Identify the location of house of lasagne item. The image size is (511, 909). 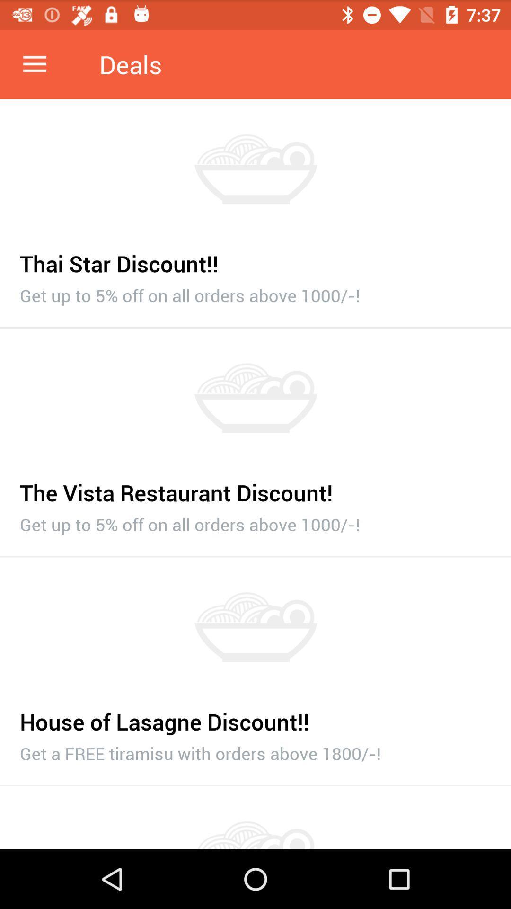
(255, 716).